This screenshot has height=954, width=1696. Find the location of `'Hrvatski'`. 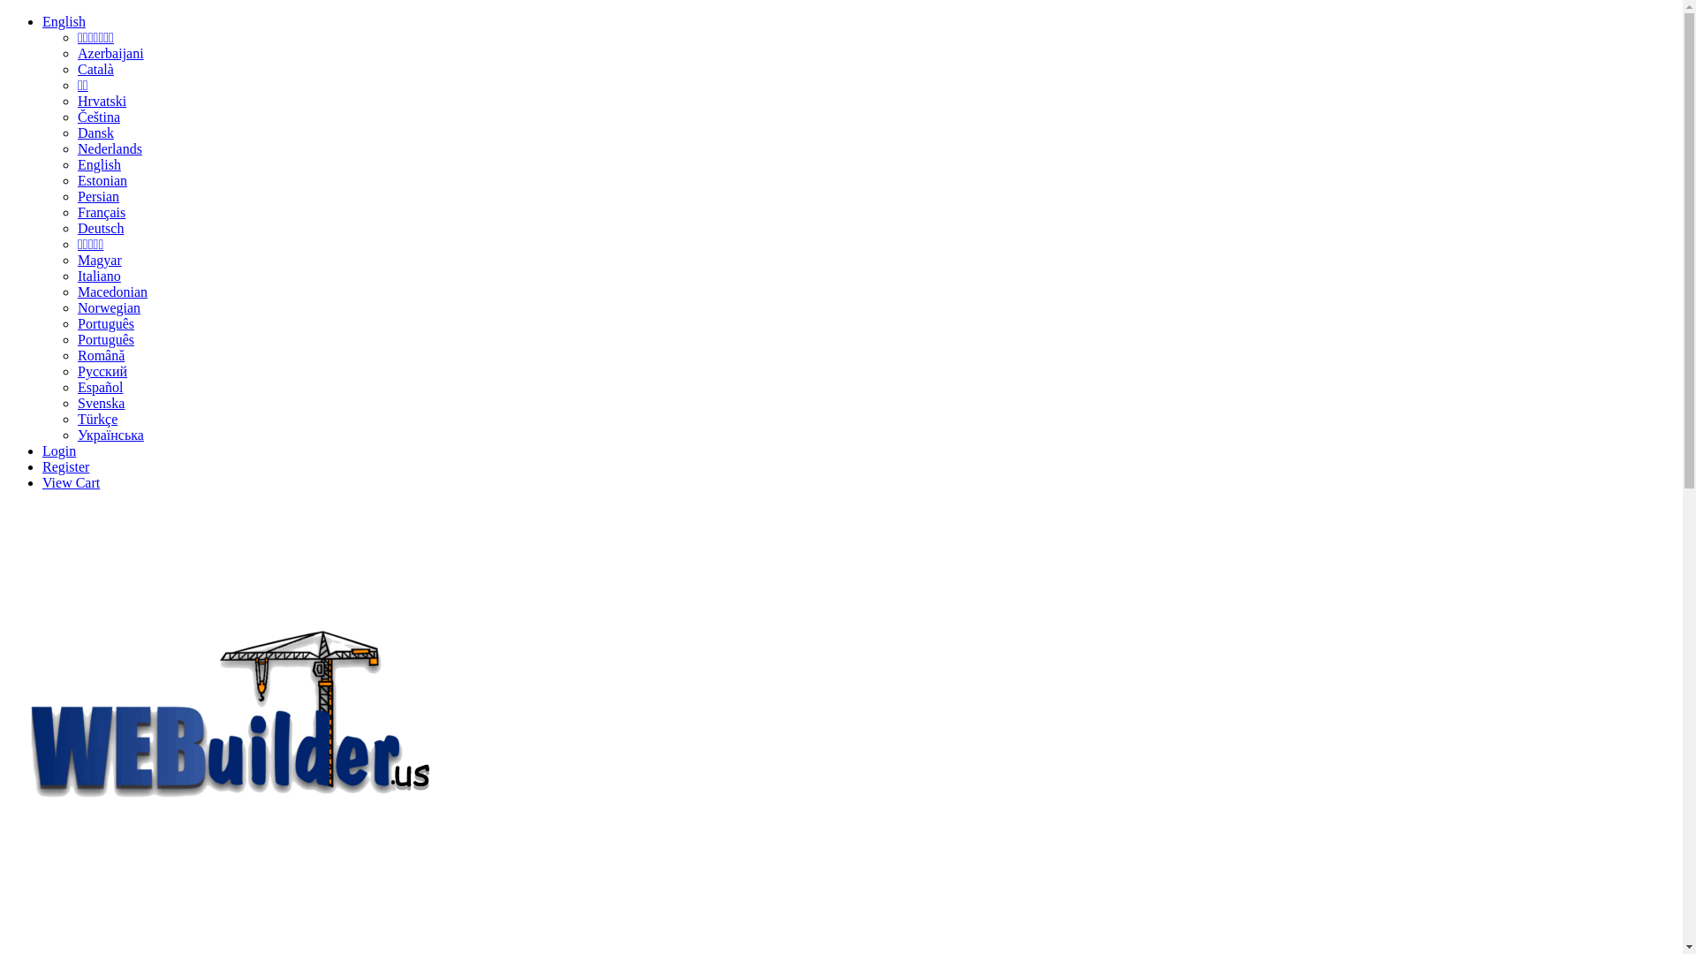

'Hrvatski' is located at coordinates (76, 101).